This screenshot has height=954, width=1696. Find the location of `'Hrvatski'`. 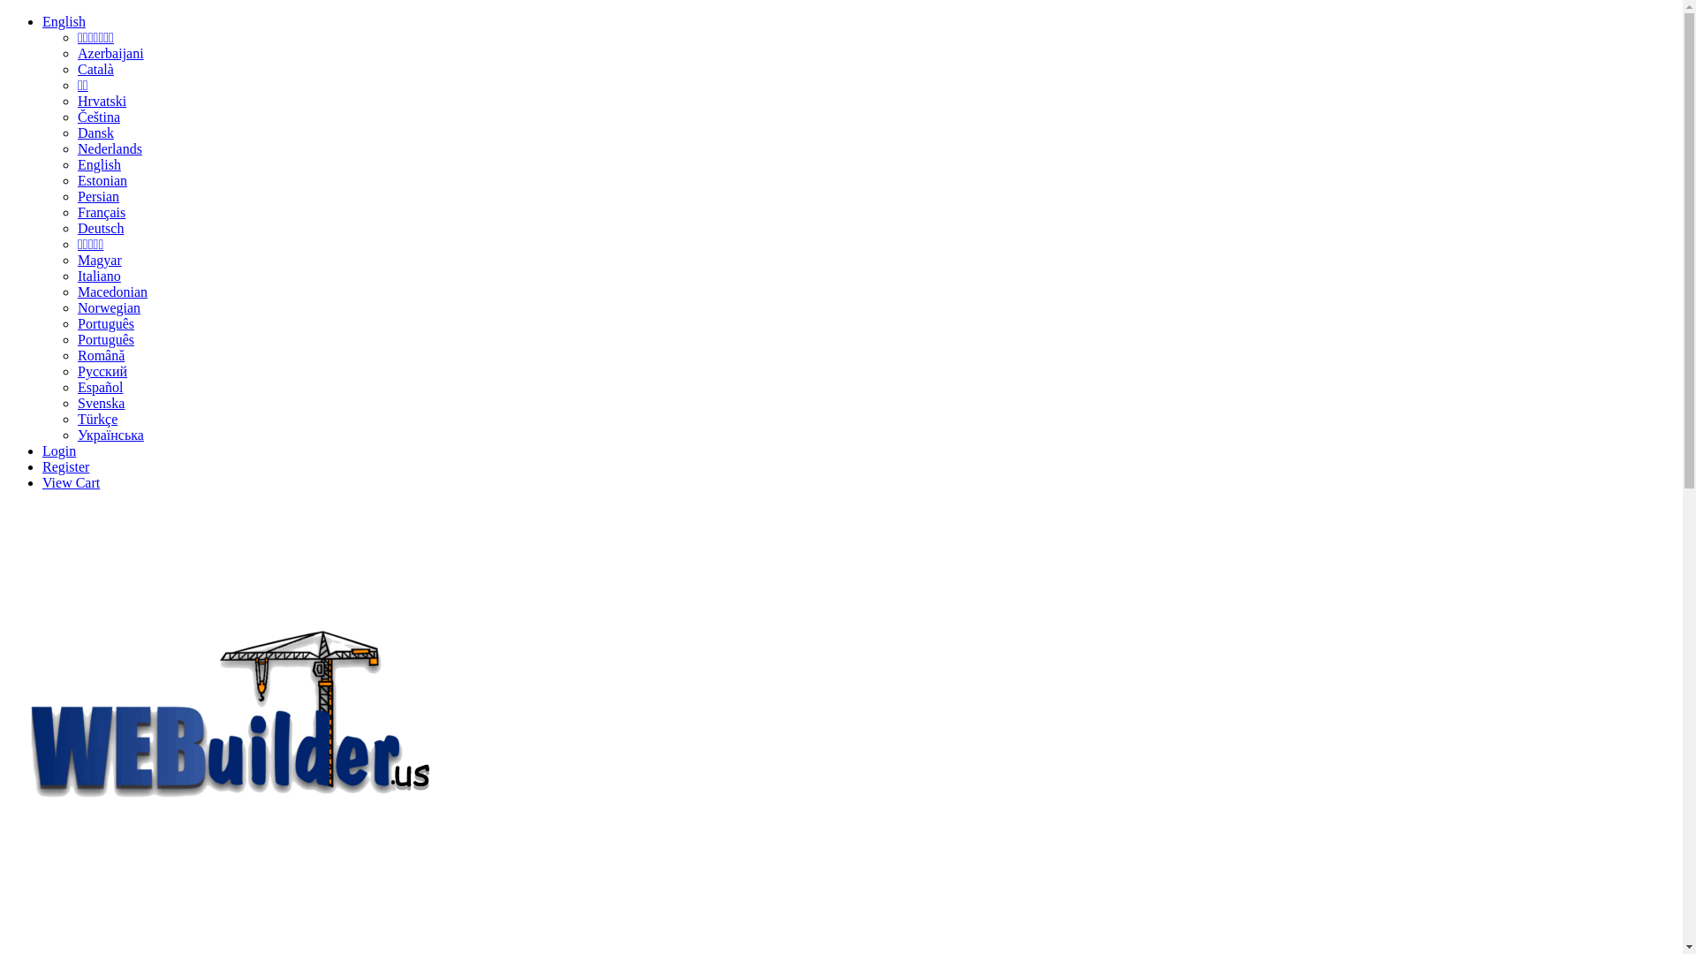

'Hrvatski' is located at coordinates (76, 101).